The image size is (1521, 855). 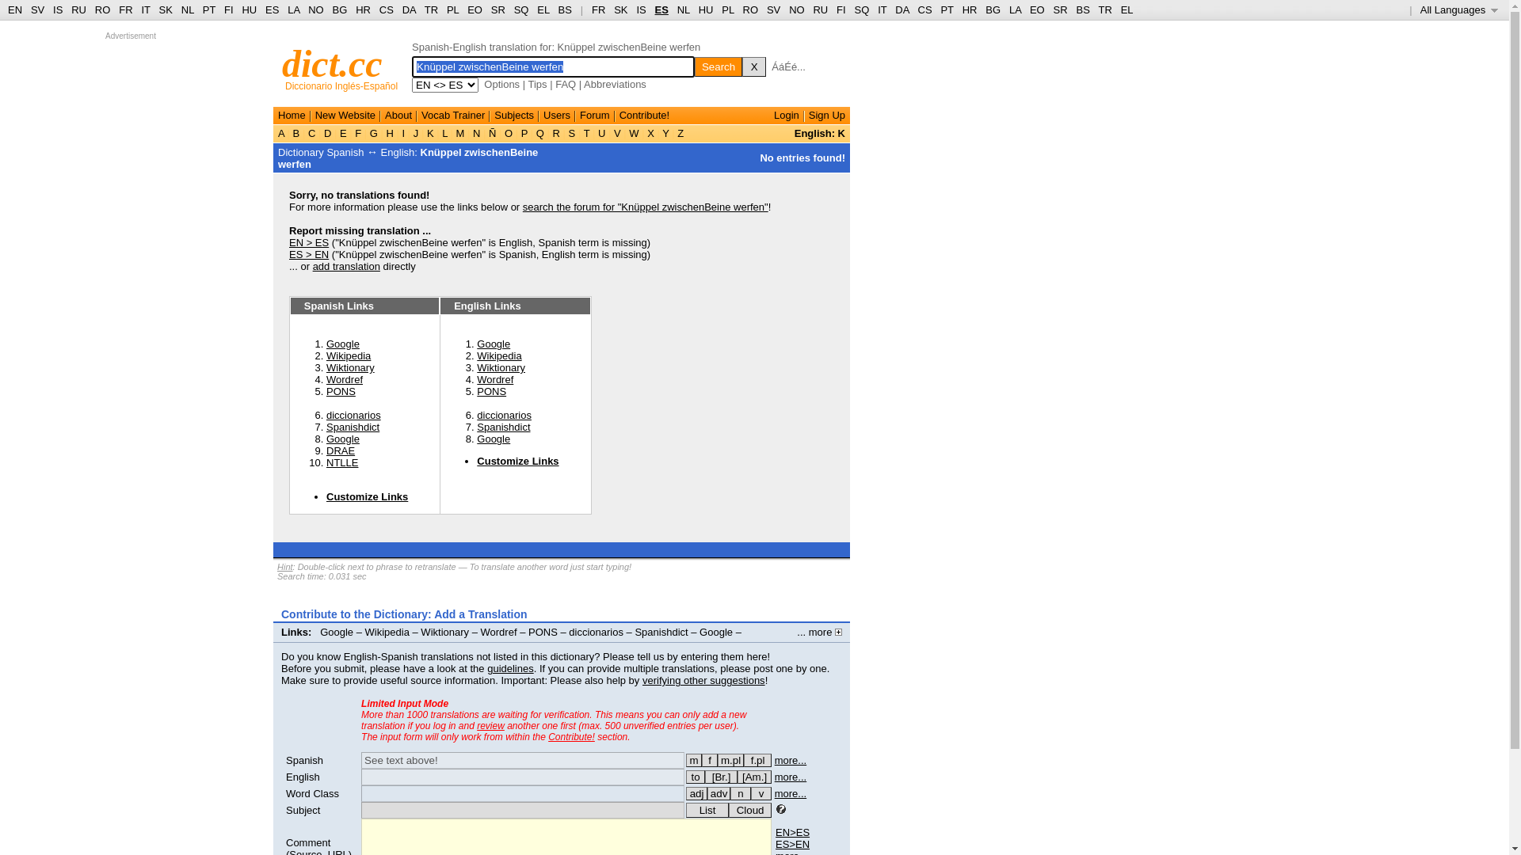 I want to click on 'DA', so click(x=894, y=9).